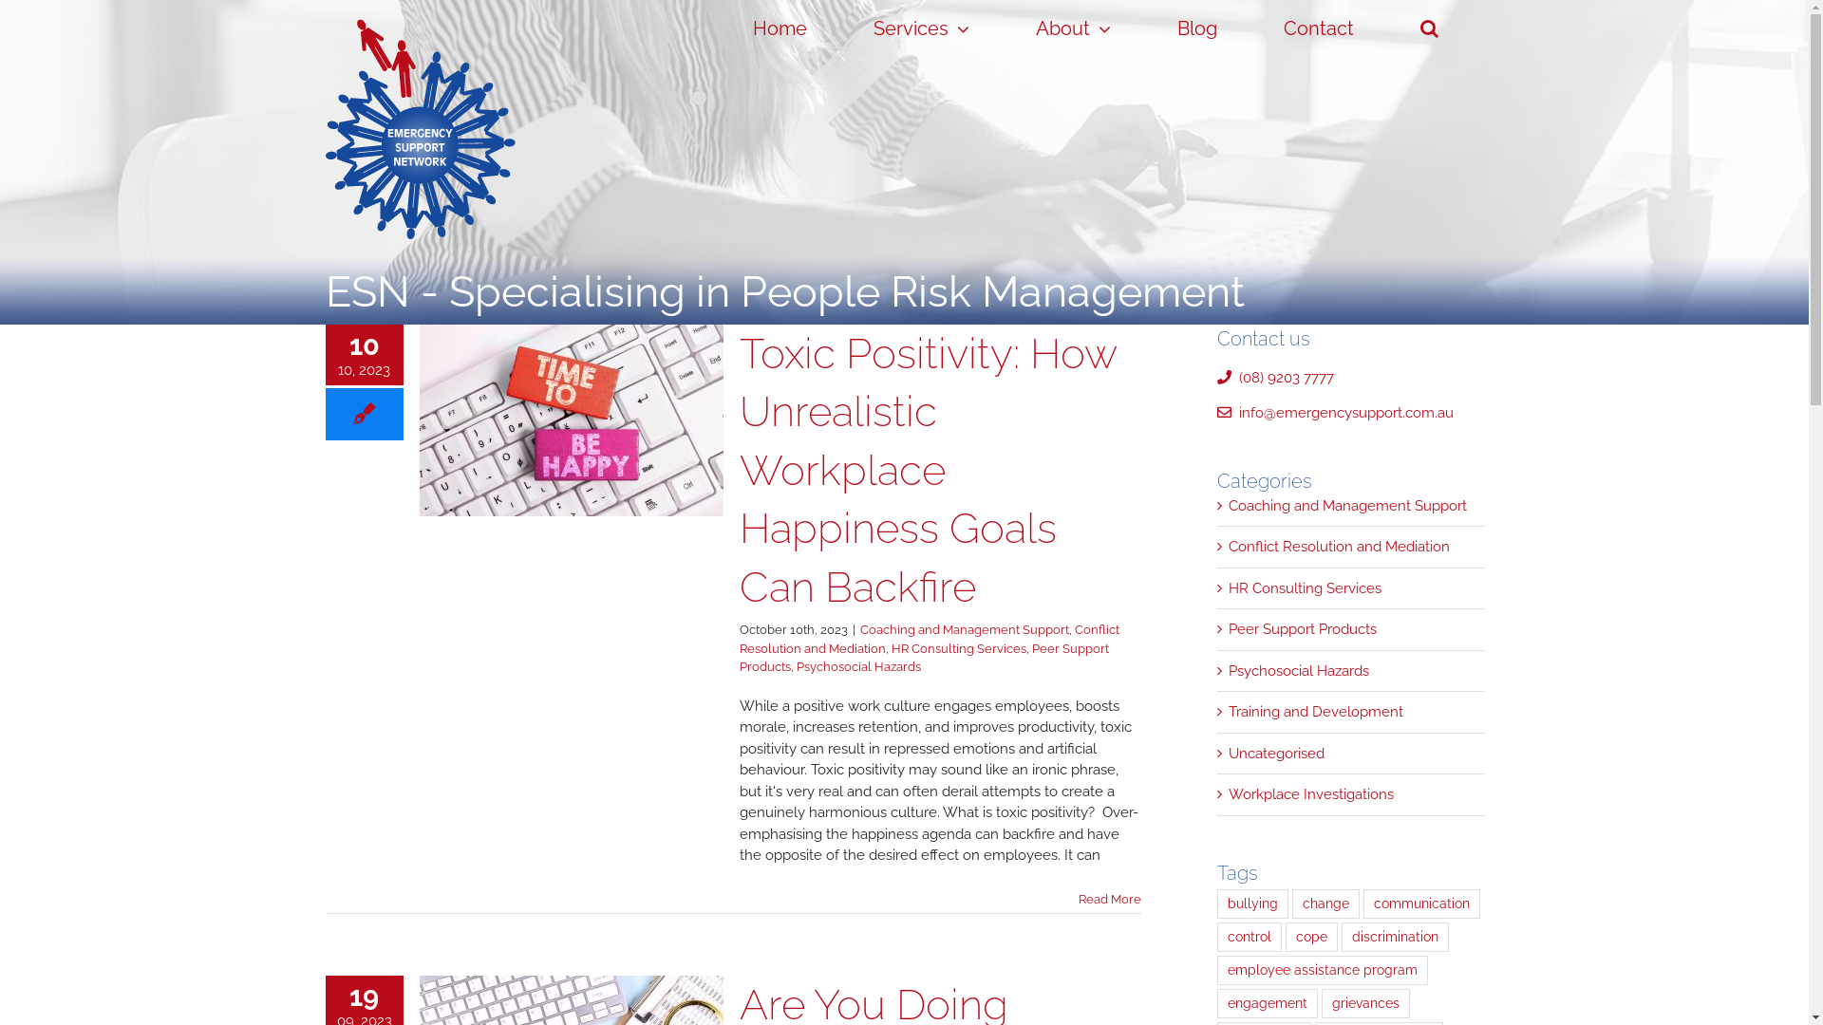 The width and height of the screenshot is (1823, 1025). Describe the element at coordinates (856, 665) in the screenshot. I see `'Psychosocial Hazards'` at that location.